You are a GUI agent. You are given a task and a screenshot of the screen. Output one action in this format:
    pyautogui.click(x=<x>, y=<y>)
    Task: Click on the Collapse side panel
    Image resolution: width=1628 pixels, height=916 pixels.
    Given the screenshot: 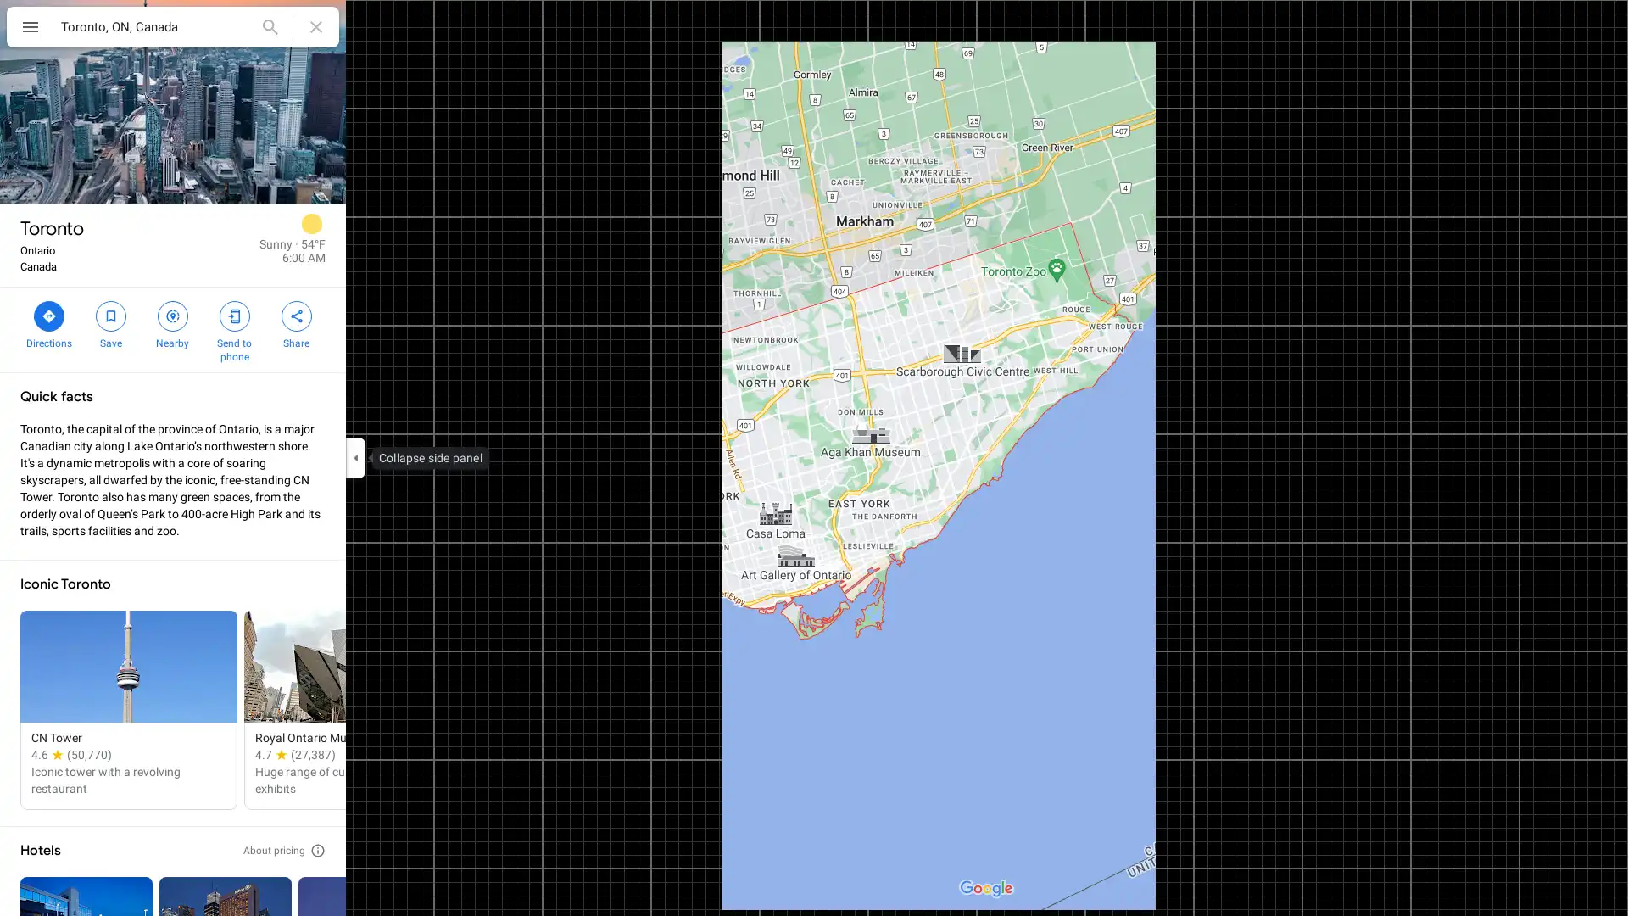 What is the action you would take?
    pyautogui.click(x=354, y=458)
    